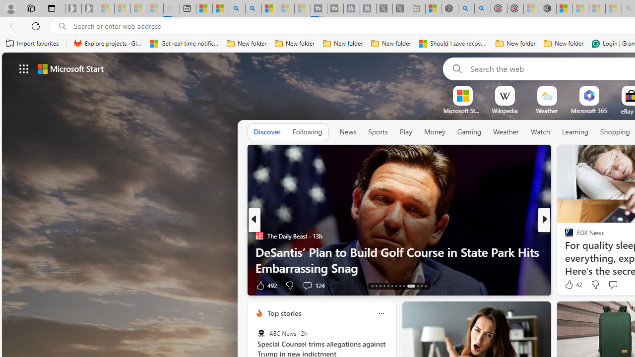 This screenshot has width=635, height=357. Describe the element at coordinates (24, 68) in the screenshot. I see `'Class: control'` at that location.